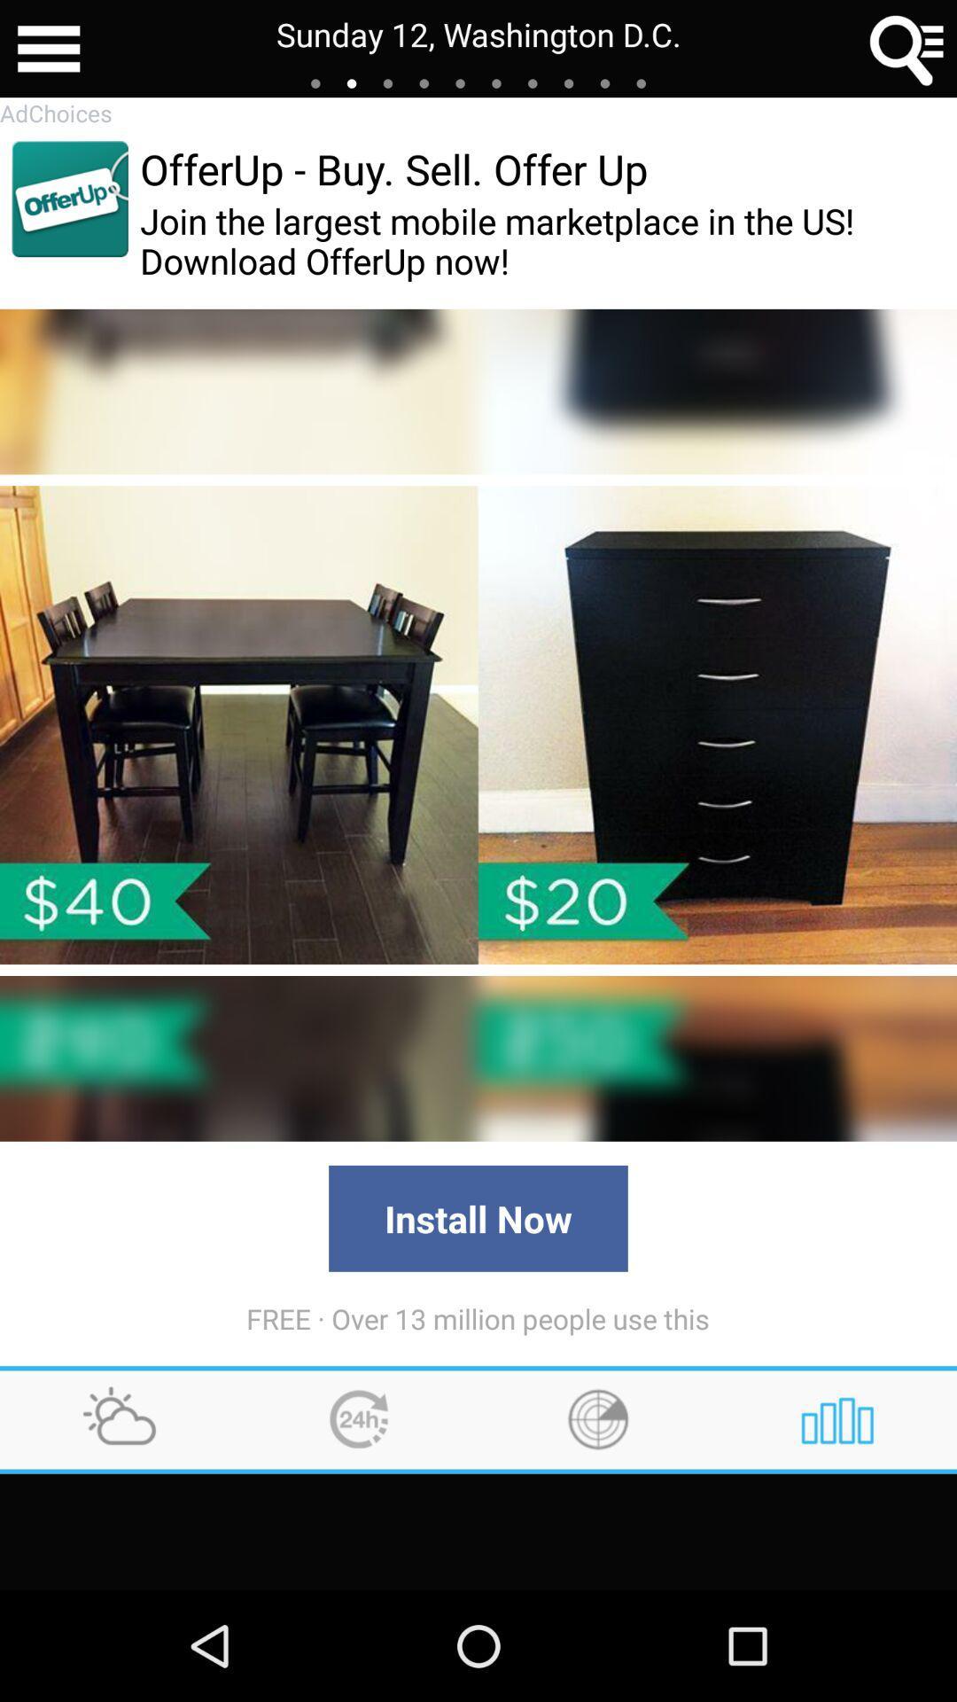  I want to click on menu, so click(48, 49).